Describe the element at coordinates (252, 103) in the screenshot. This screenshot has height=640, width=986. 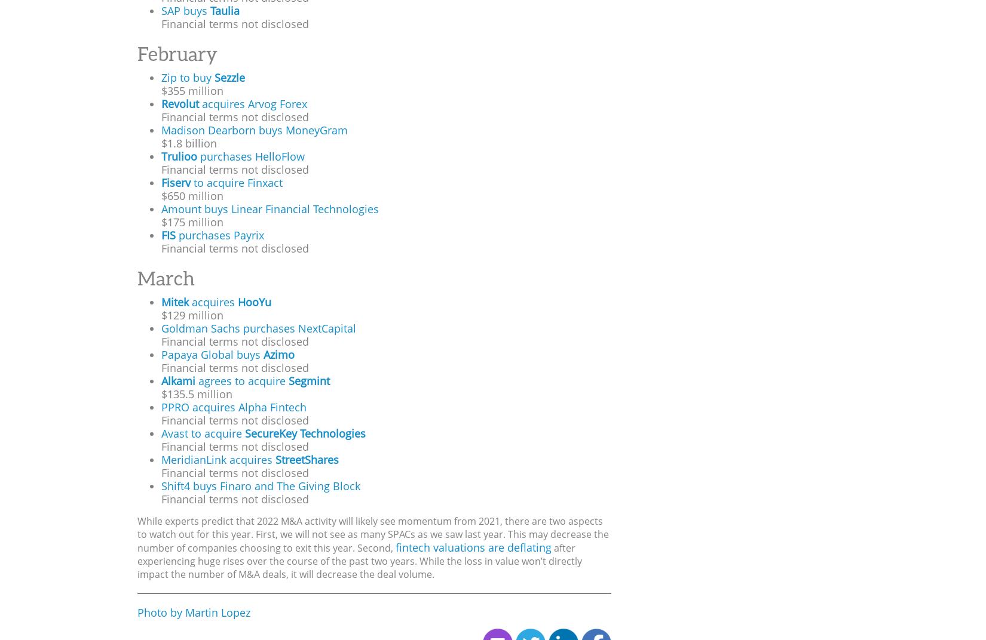
I see `'acquires Arvog Forex'` at that location.